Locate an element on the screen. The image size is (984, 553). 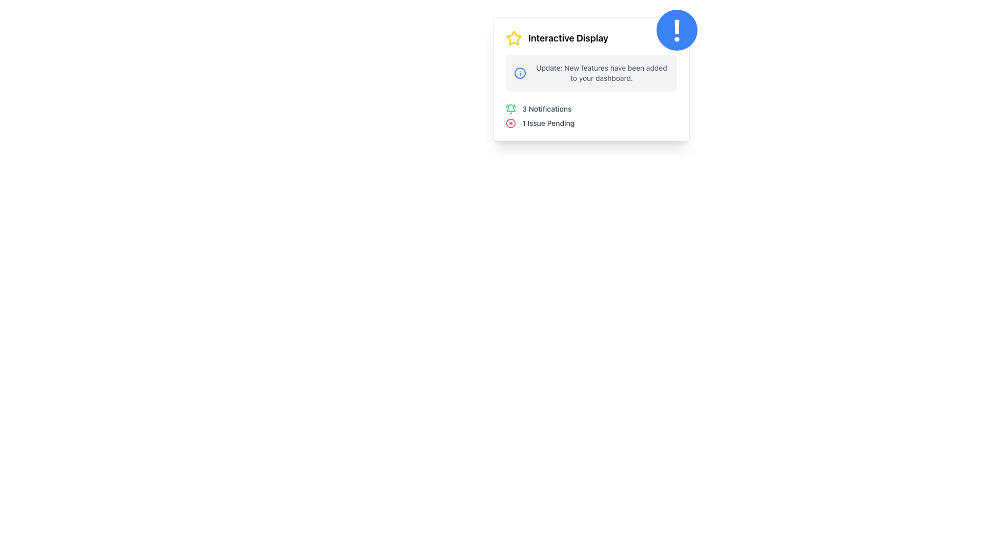
text content that informs the user about the number of unread or pending notifications, located in the notification panel near the bell icon is located at coordinates (546, 109).